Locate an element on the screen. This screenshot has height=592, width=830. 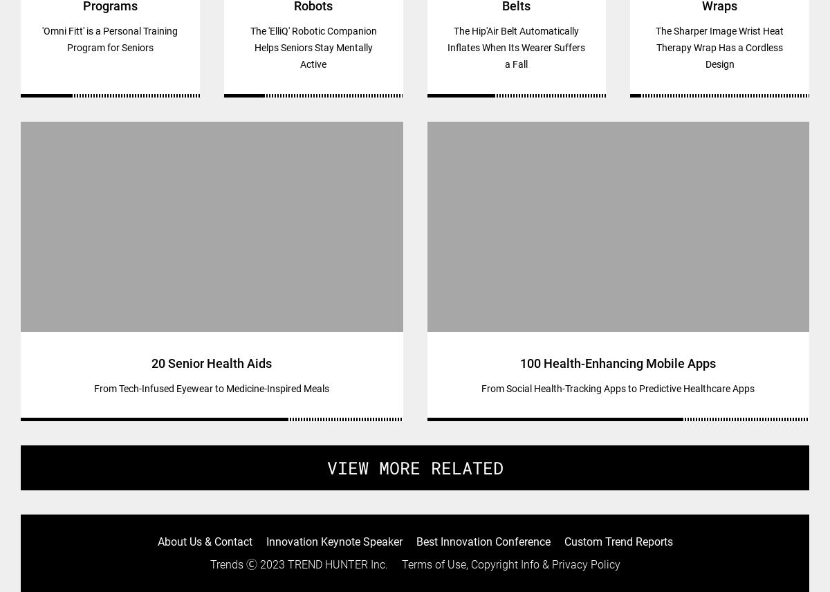
'20 Senior Health Aids' is located at coordinates (212, 362).